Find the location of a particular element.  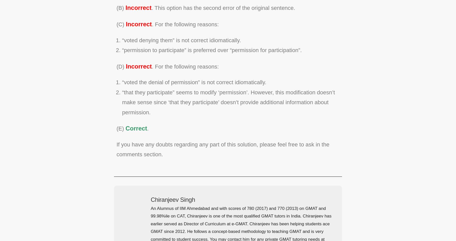

'“voted the denial of permission” is not correct idiomatically.' is located at coordinates (194, 82).